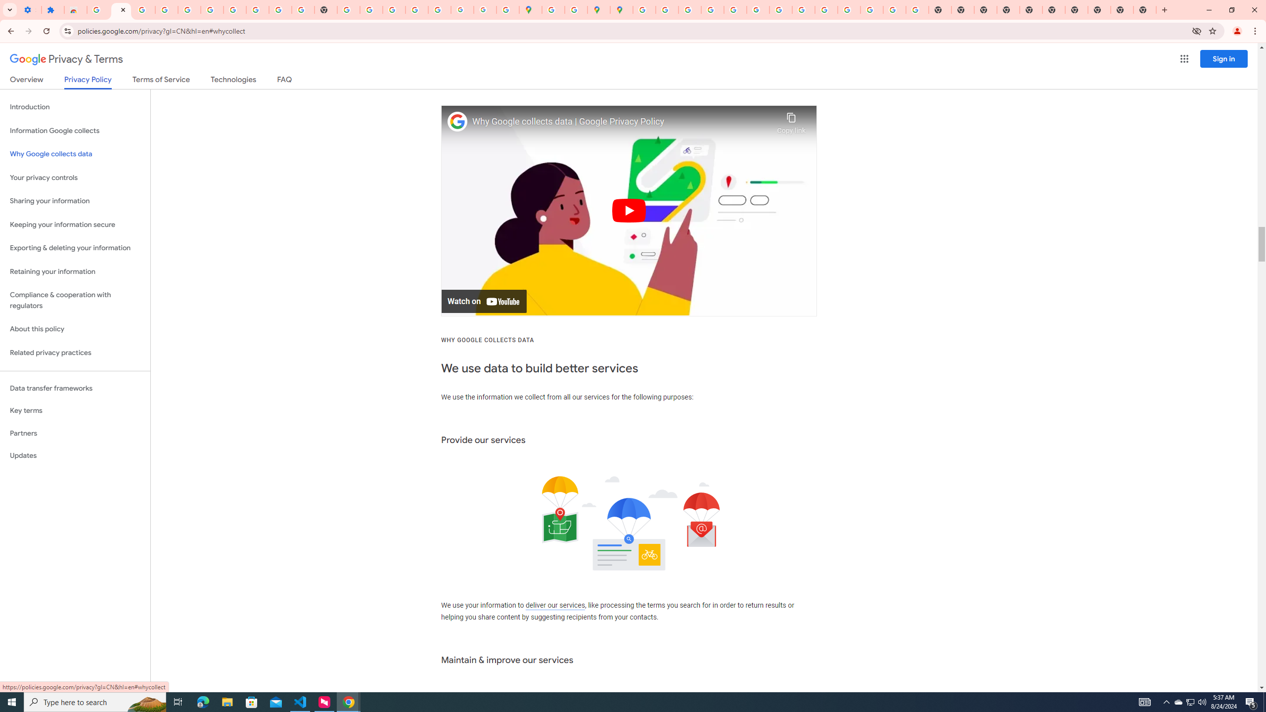  I want to click on 'Data transfer frameworks', so click(75, 388).